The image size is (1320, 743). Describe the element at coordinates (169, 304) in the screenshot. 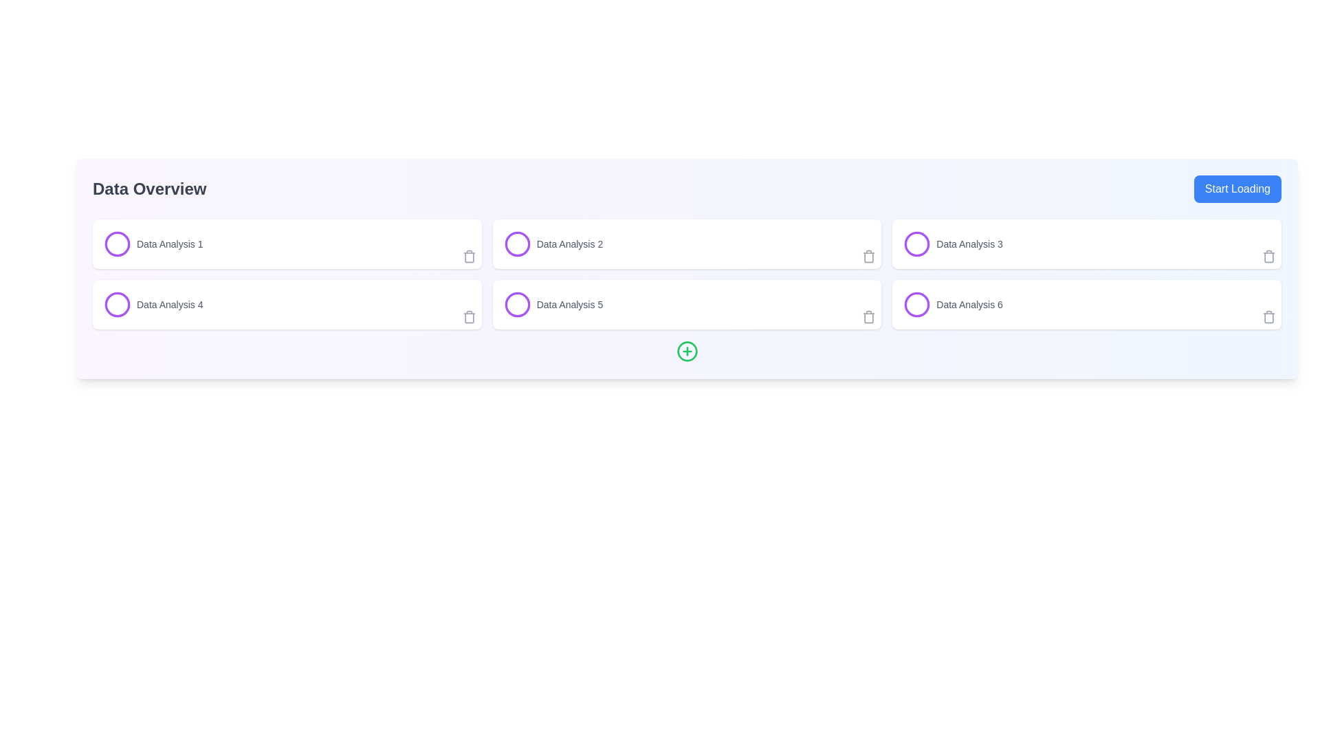

I see `text label displaying 'Data Analysis 4', which is a small-sized text label in the first column of the second row below the heading 'Data Overview'` at that location.